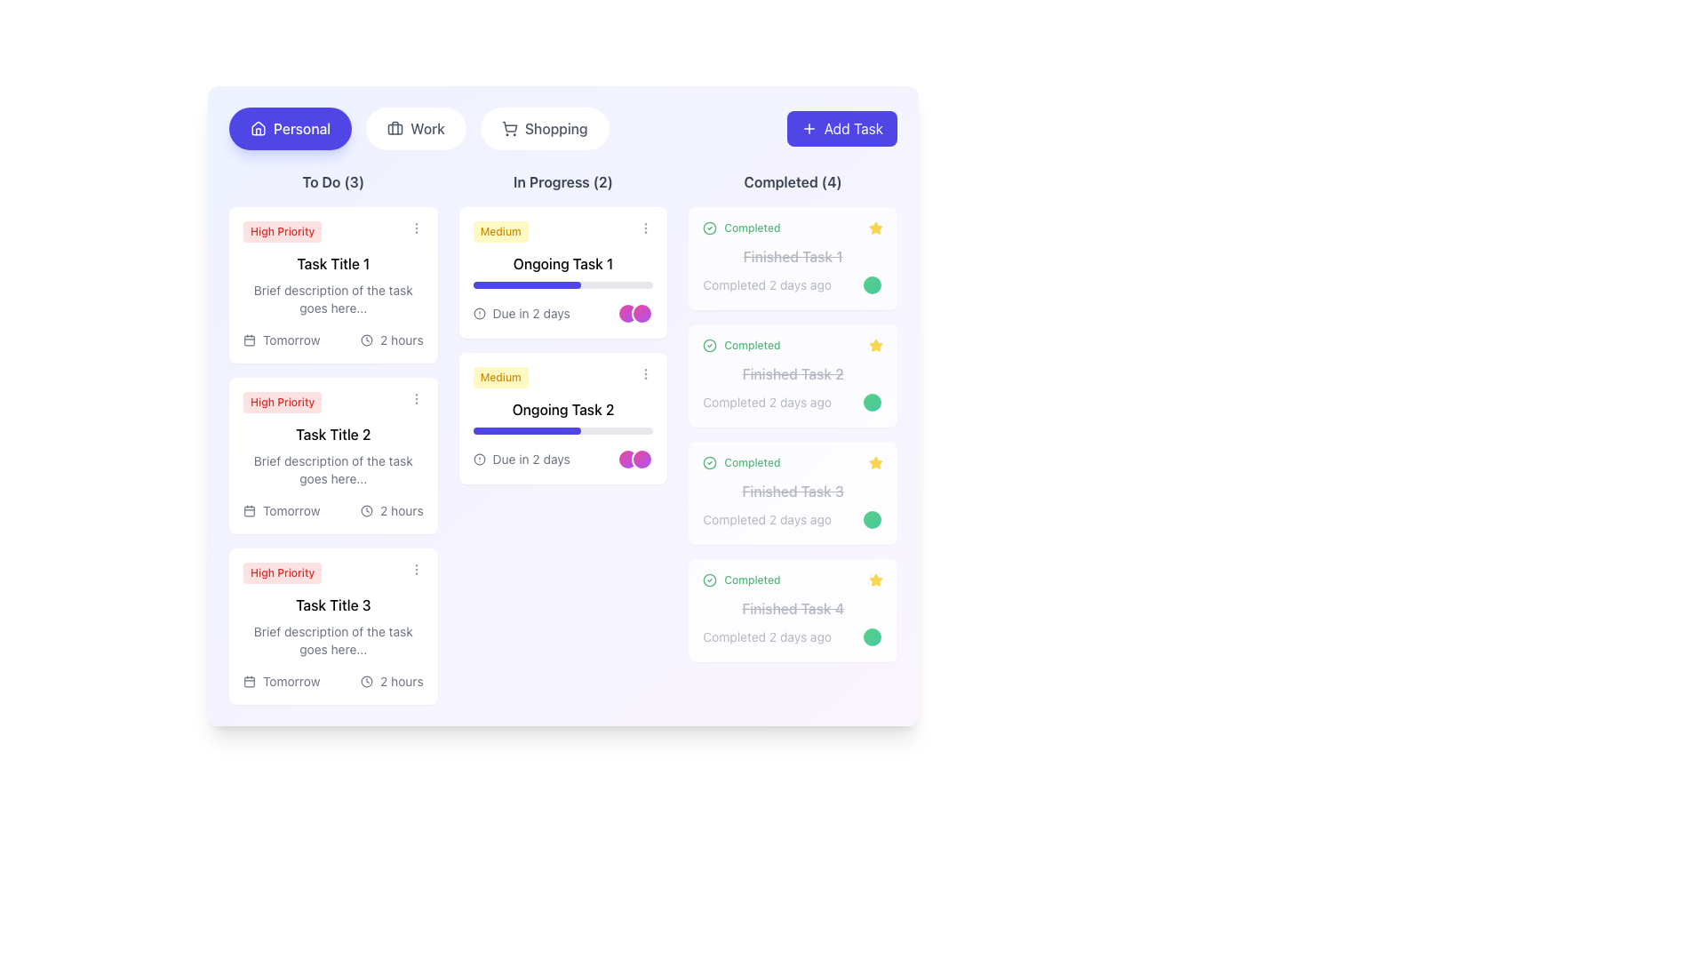  I want to click on the 'Work' text label located in the navigation bar, which serves as a non-interactive indicator between the 'Personal' and 'Shopping' buttons, so click(427, 128).